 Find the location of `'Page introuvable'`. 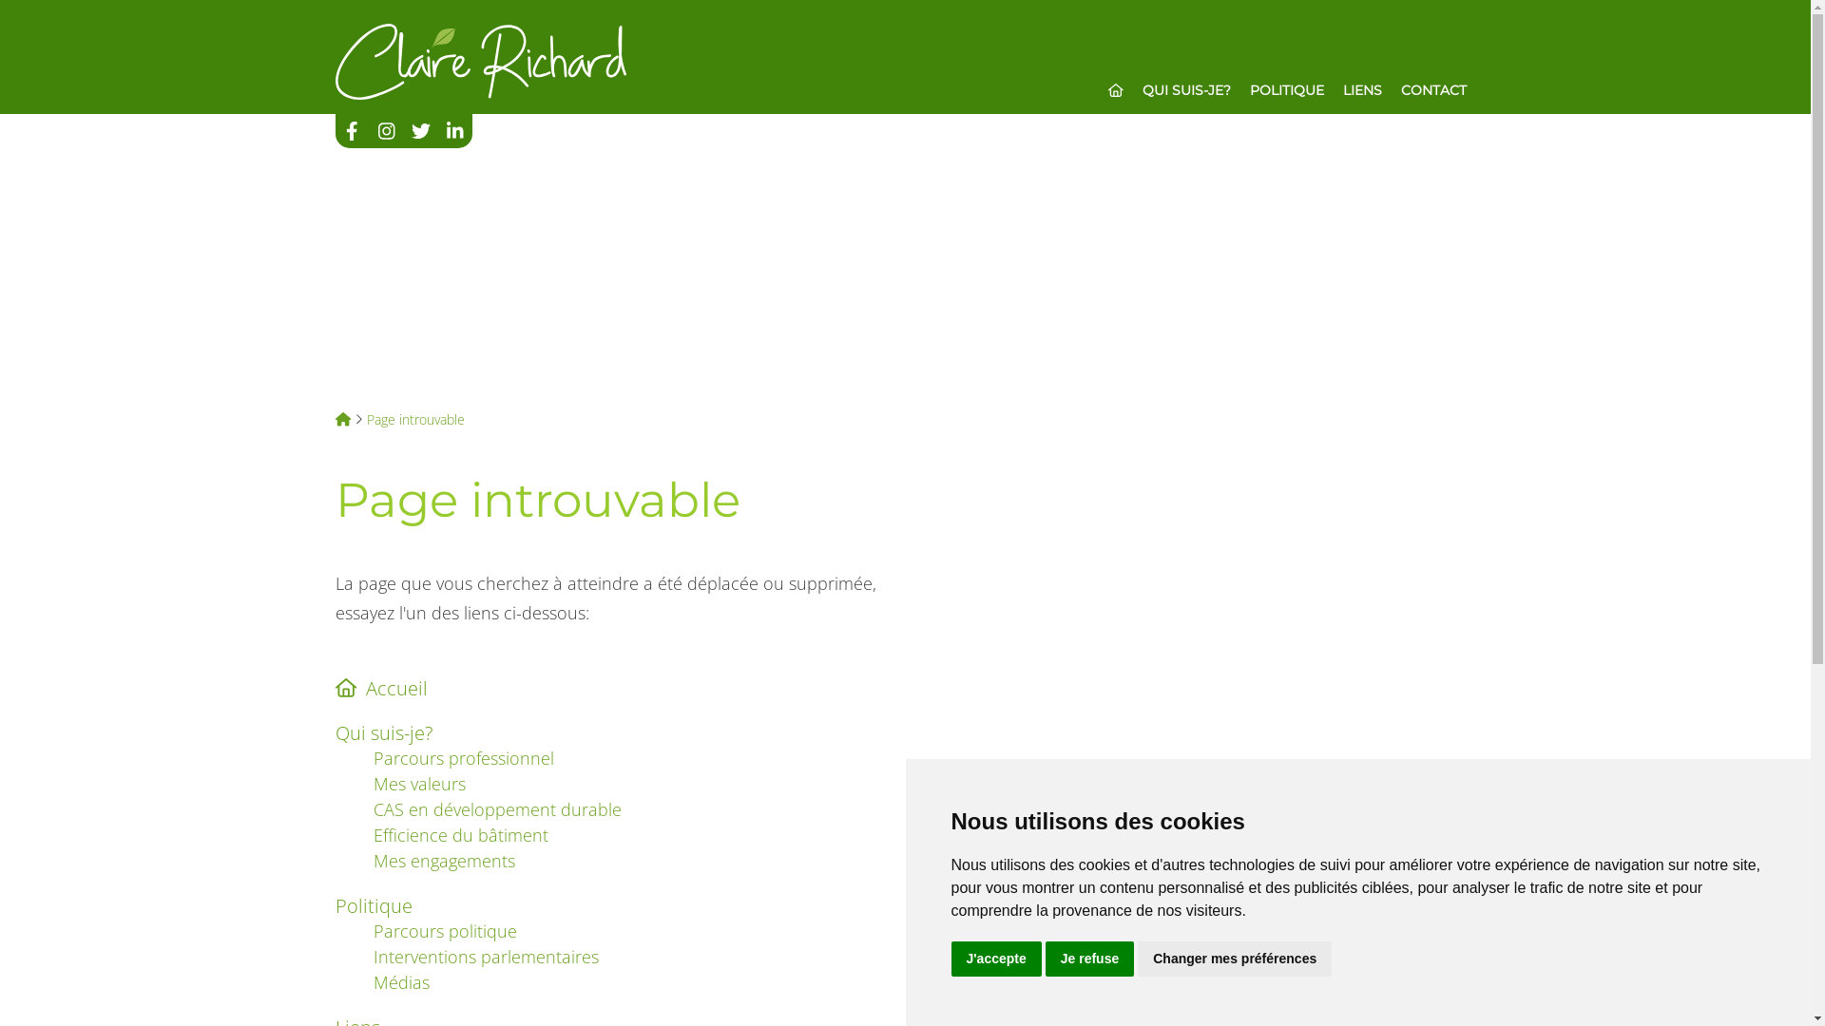

'Page introuvable' is located at coordinates (414, 418).